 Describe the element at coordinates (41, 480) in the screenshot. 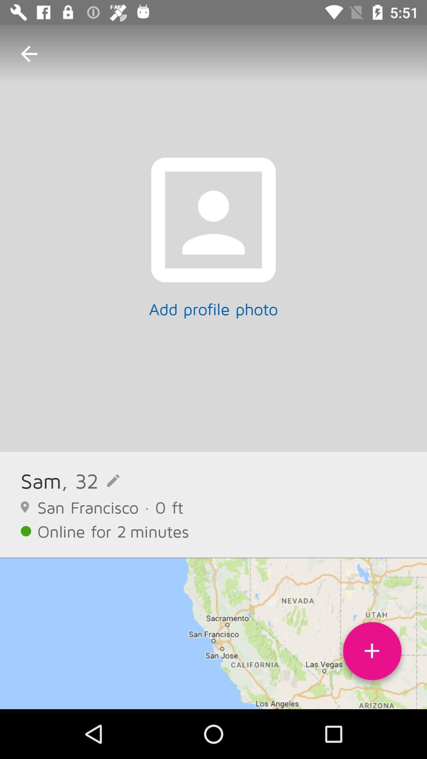

I see `the sam` at that location.